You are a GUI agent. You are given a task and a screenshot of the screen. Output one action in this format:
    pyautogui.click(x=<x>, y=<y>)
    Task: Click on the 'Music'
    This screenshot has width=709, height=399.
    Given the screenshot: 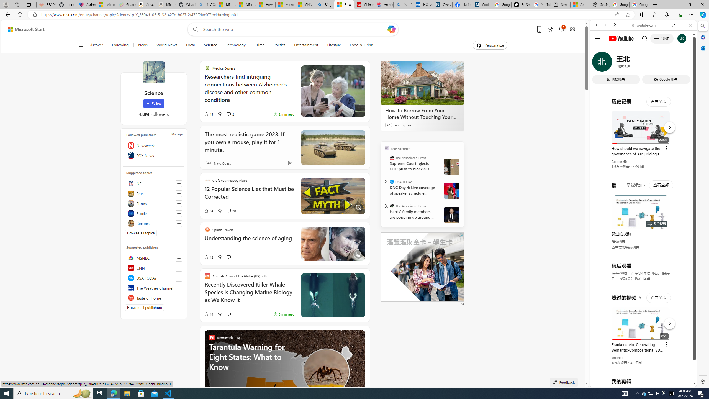 What is the action you would take?
    pyautogui.click(x=643, y=150)
    